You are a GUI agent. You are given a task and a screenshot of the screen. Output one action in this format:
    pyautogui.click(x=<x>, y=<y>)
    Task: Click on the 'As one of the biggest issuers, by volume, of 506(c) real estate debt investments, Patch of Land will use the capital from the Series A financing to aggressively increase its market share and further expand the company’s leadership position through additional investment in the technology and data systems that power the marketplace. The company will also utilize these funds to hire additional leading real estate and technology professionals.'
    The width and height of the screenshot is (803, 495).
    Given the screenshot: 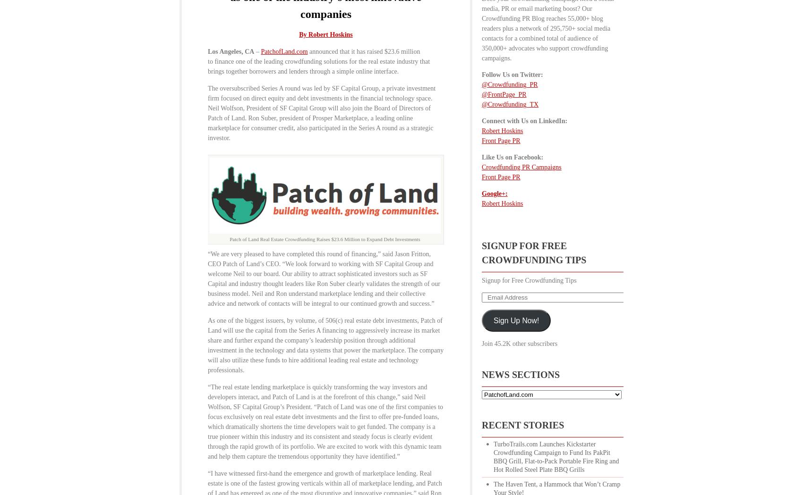 What is the action you would take?
    pyautogui.click(x=325, y=344)
    